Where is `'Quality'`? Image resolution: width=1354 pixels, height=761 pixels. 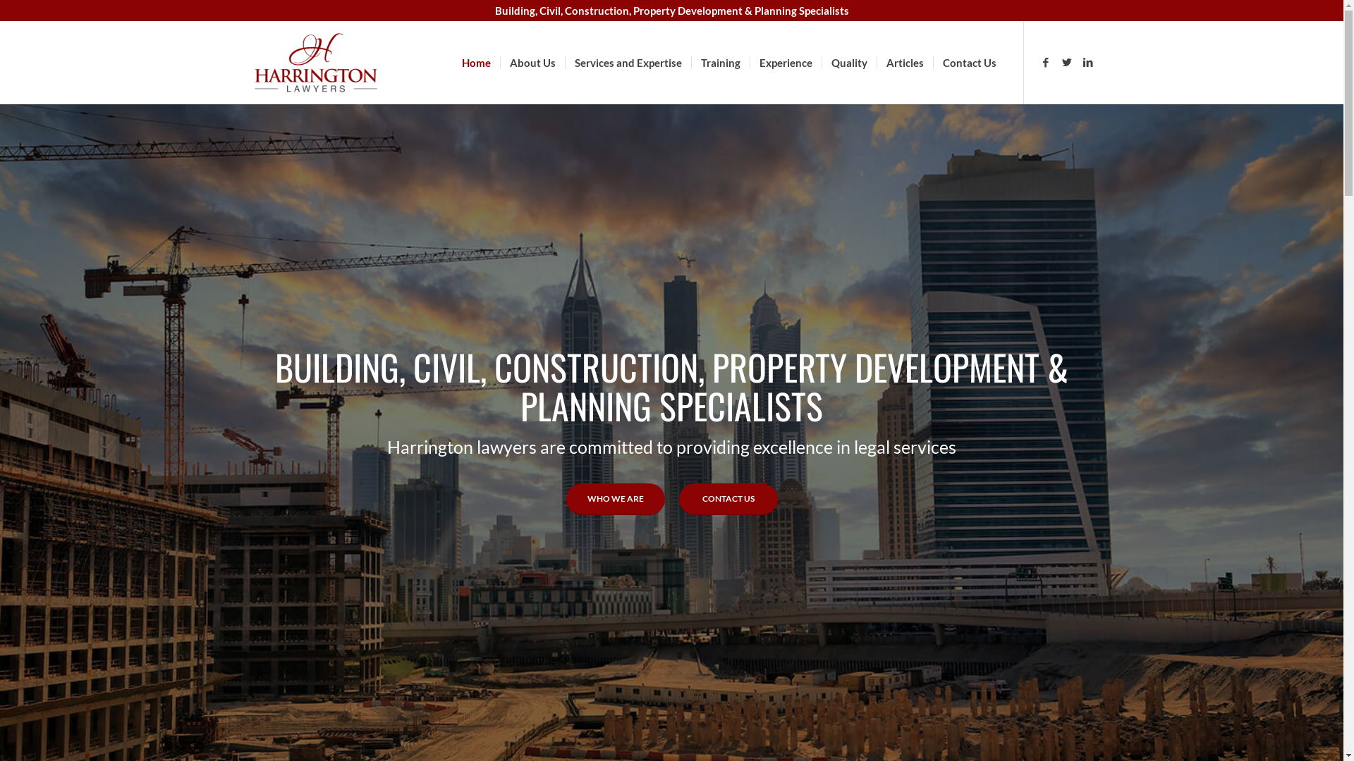
'Quality' is located at coordinates (820, 61).